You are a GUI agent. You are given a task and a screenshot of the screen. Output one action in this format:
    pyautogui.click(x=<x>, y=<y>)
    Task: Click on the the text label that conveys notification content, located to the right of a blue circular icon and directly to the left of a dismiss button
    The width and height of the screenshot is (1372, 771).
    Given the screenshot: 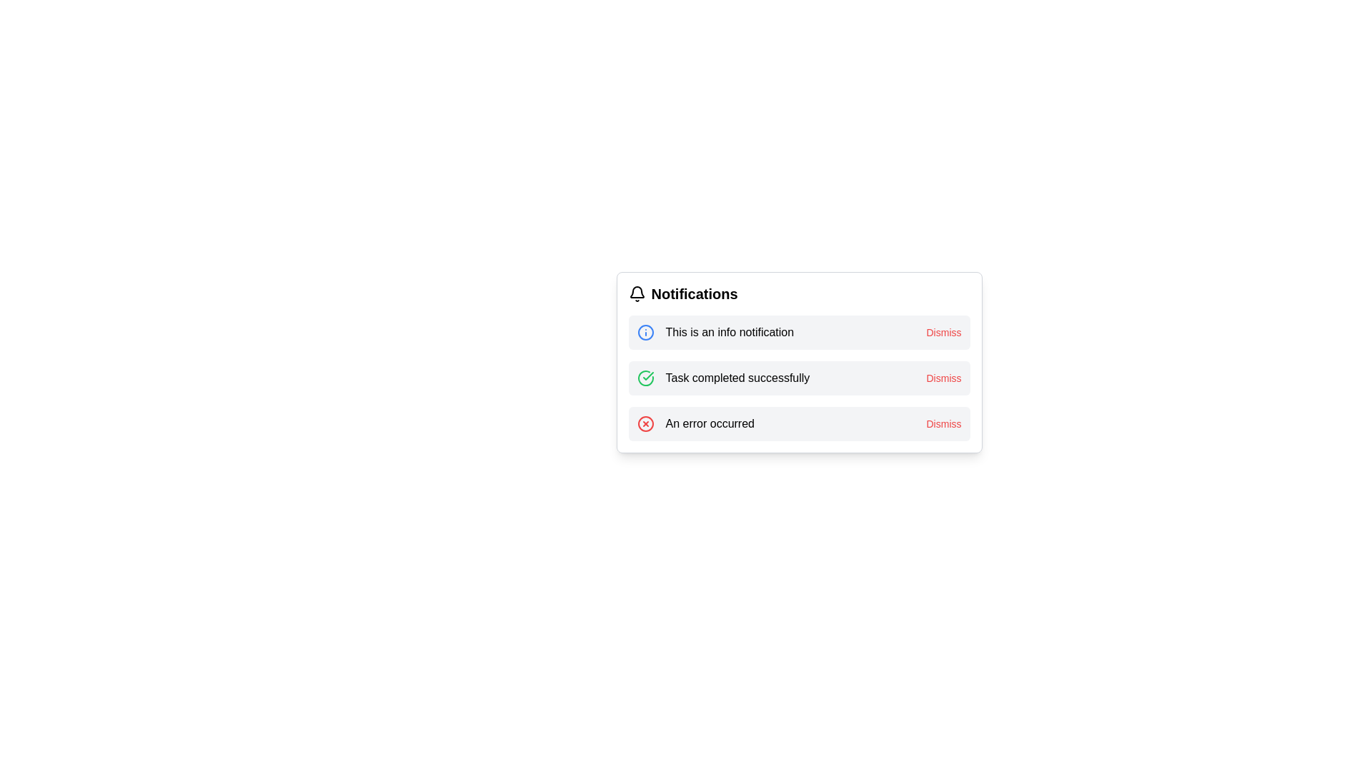 What is the action you would take?
    pyautogui.click(x=730, y=333)
    